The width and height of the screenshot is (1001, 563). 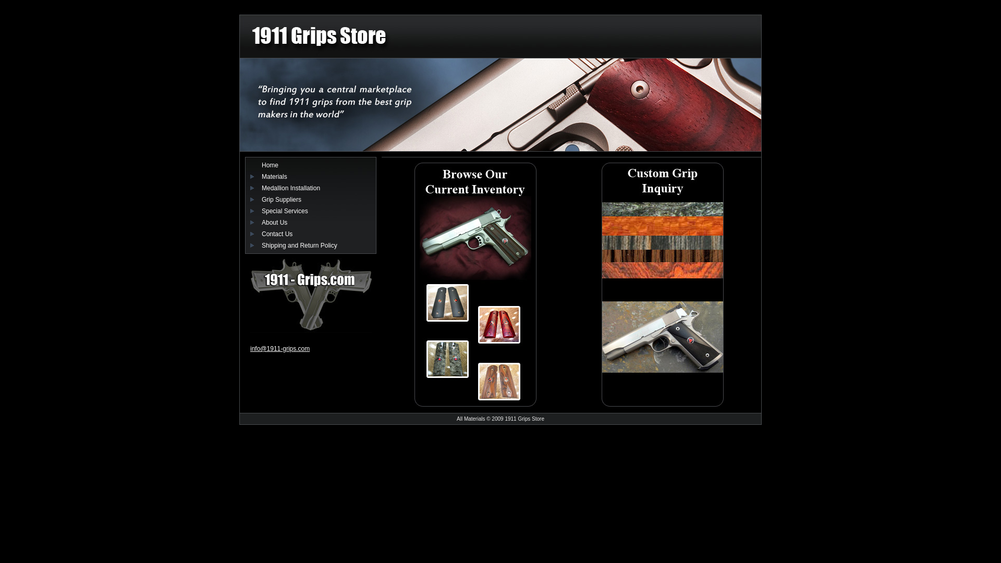 What do you see at coordinates (280, 348) in the screenshot?
I see `'info@1911-grips.com'` at bounding box center [280, 348].